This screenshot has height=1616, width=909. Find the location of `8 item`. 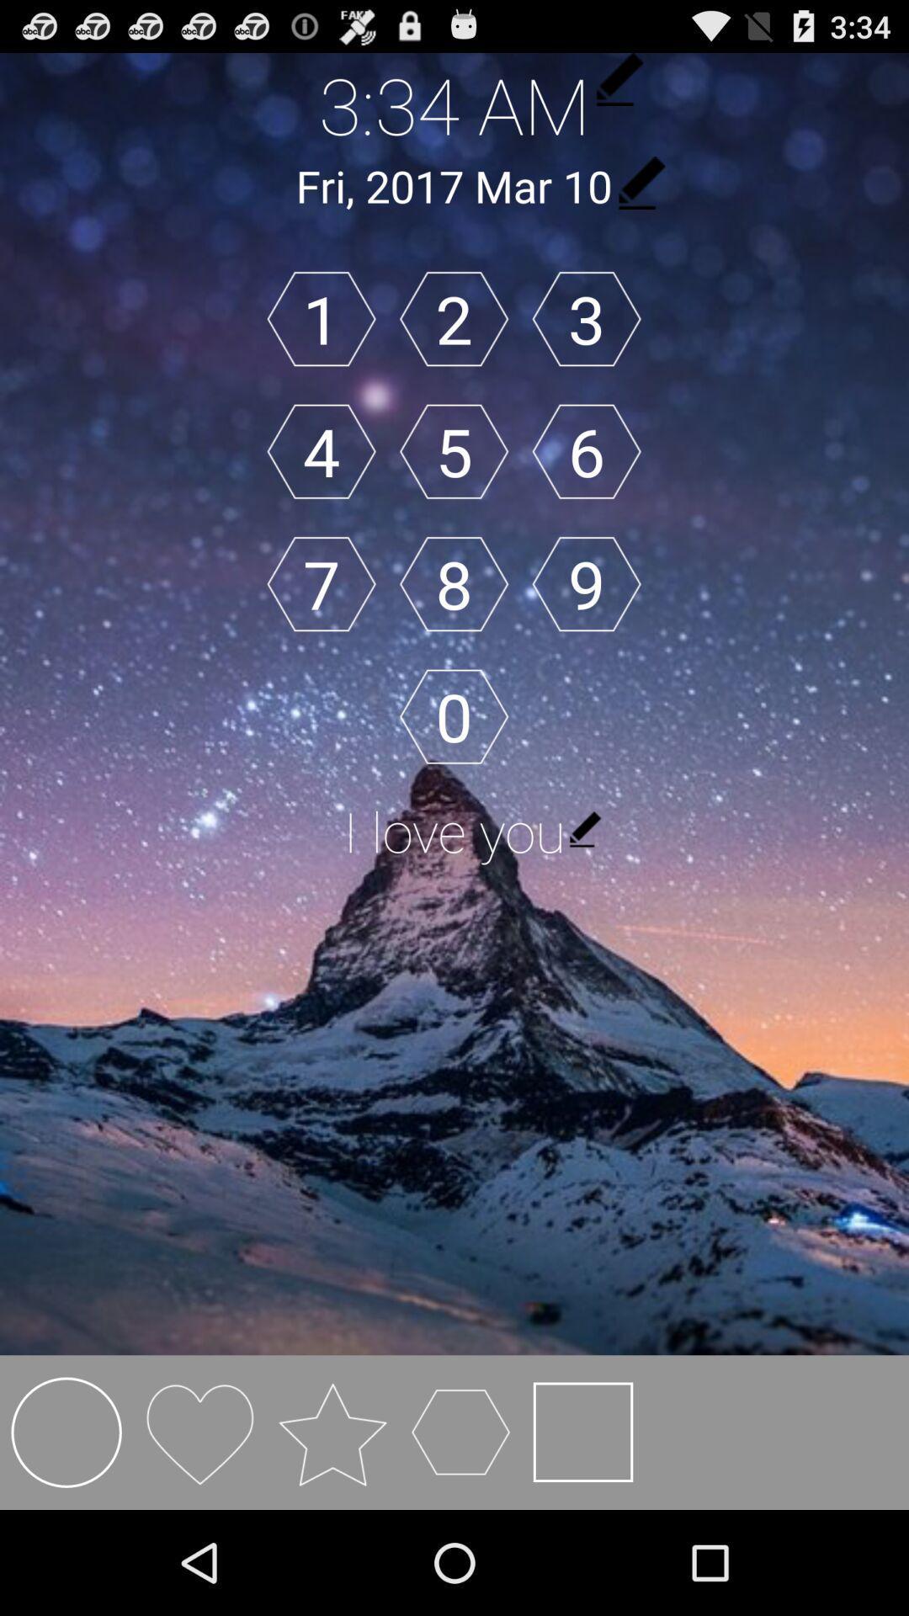

8 item is located at coordinates (453, 584).